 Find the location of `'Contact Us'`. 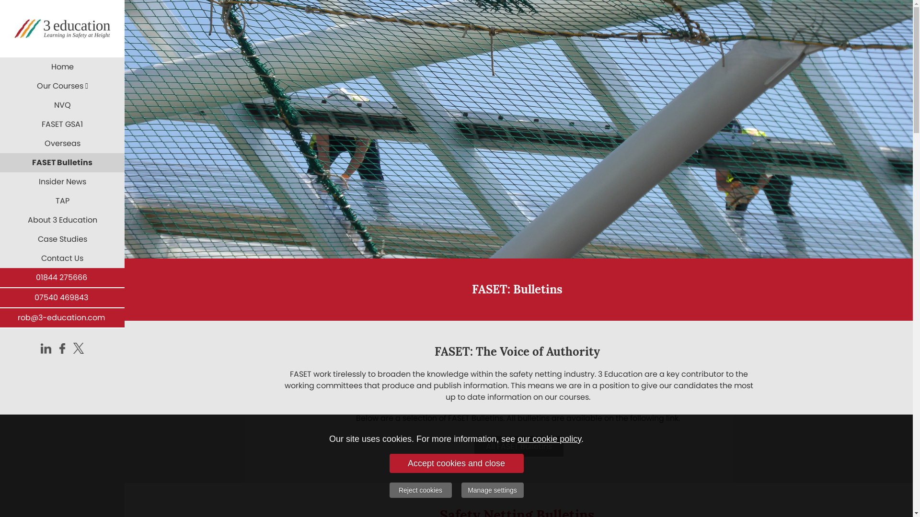

'Contact Us' is located at coordinates (61, 258).